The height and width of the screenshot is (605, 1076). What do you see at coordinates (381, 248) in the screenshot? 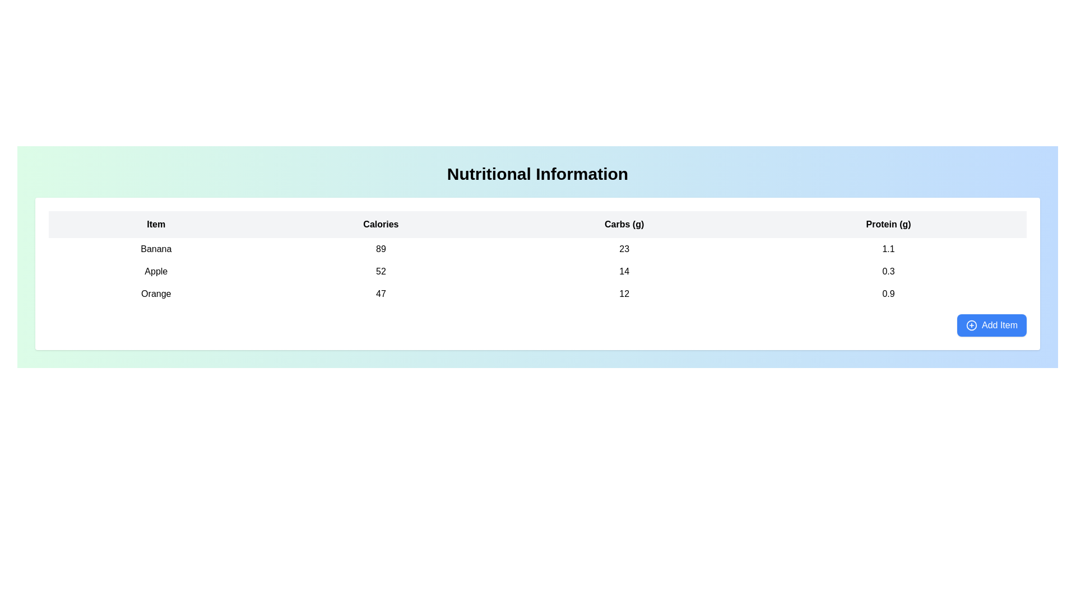
I see `text value of the '89' calorie count associated with the 'Banana' nutritional entry, located in the second column under the 'Calories' heading of the first row` at bounding box center [381, 248].